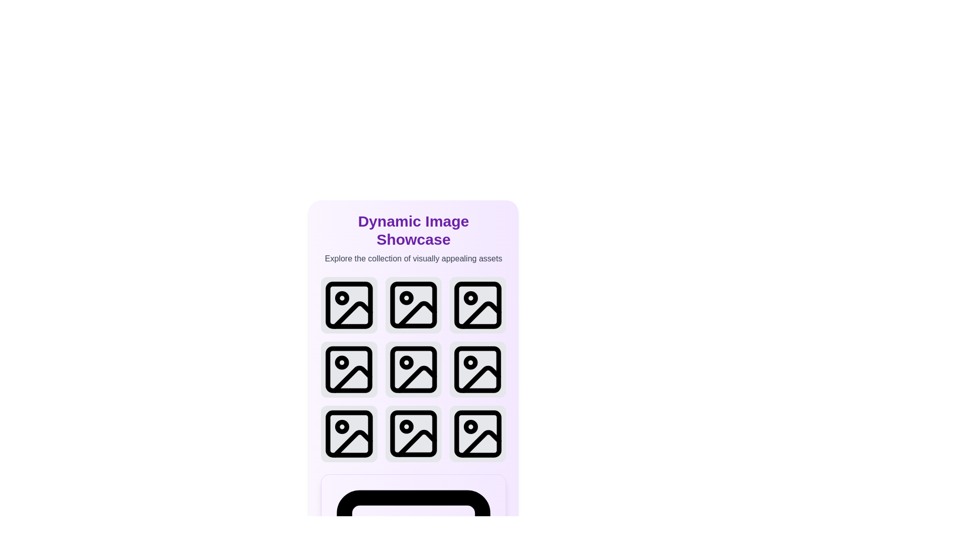 The height and width of the screenshot is (545, 969). What do you see at coordinates (349, 304) in the screenshot?
I see `the first image placeholder in the 'Dynamic Image Showcase' section` at bounding box center [349, 304].